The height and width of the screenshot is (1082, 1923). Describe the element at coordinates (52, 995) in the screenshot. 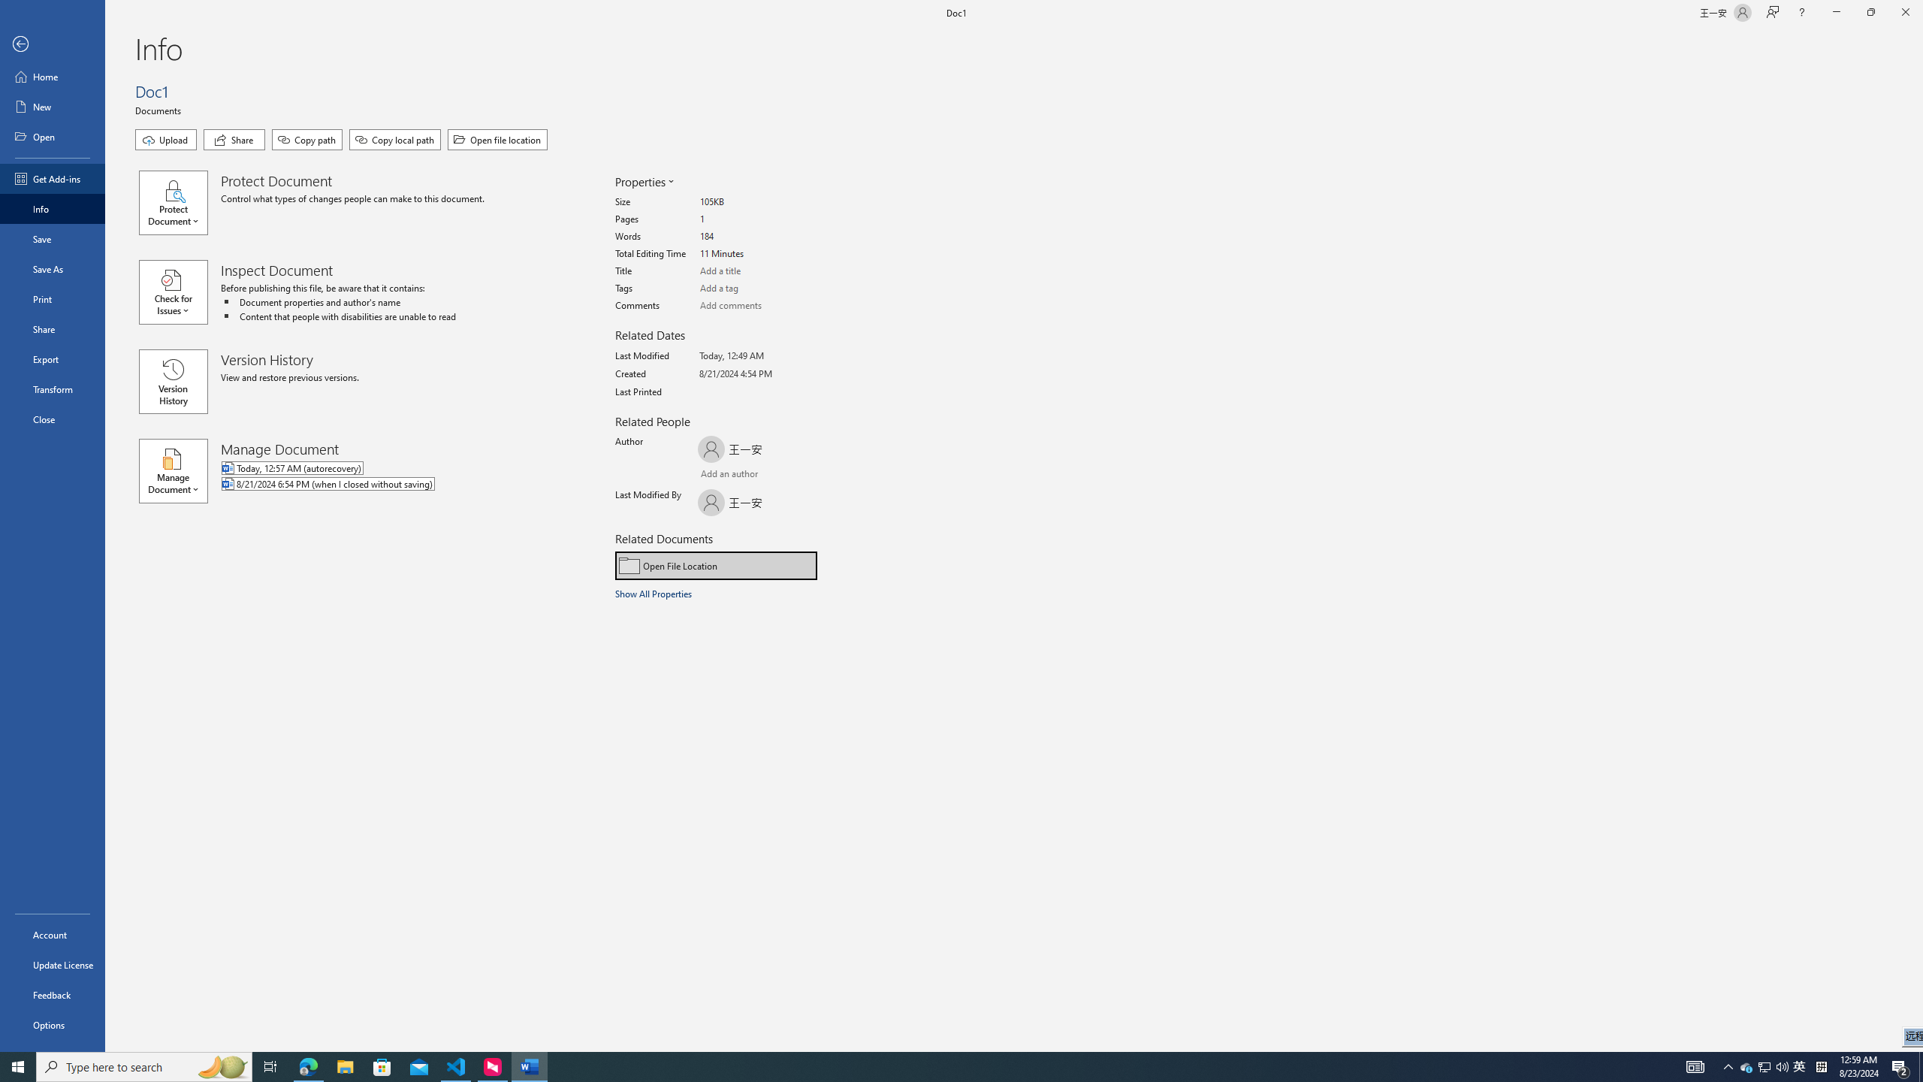

I see `'Feedback'` at that location.